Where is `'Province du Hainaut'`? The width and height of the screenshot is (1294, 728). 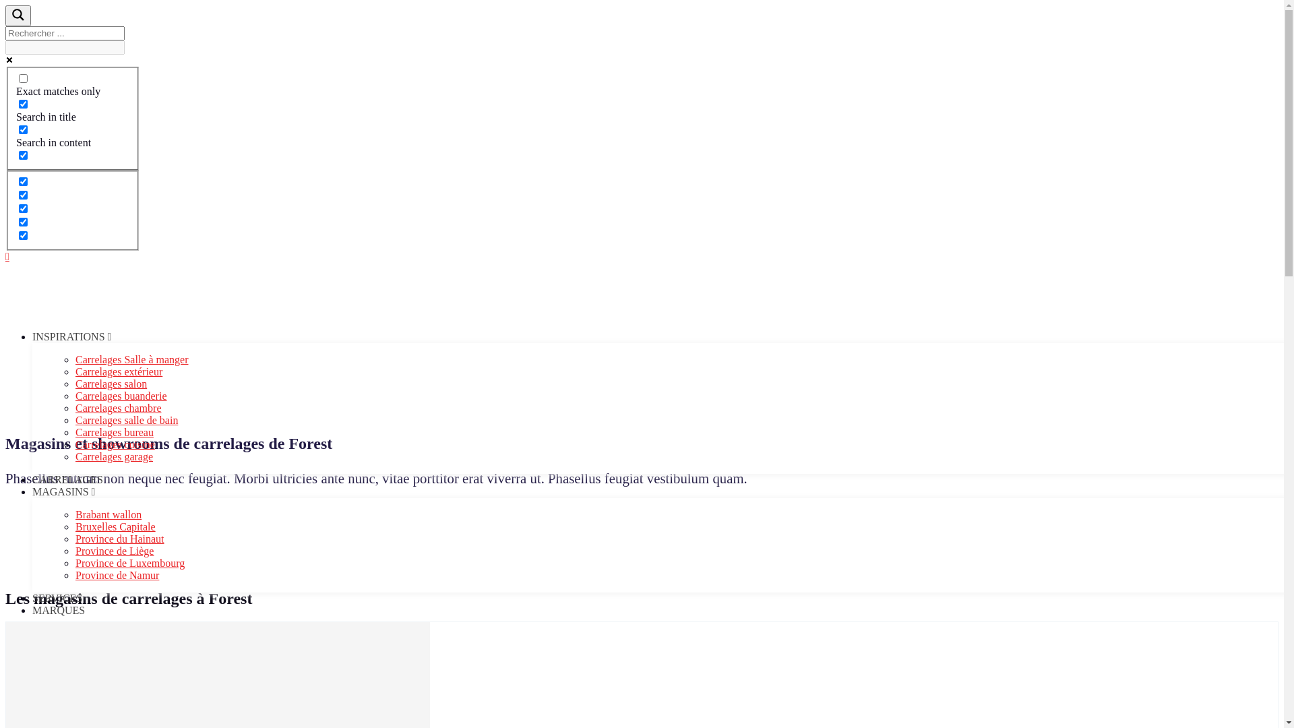
'Province du Hainaut' is located at coordinates (74, 538).